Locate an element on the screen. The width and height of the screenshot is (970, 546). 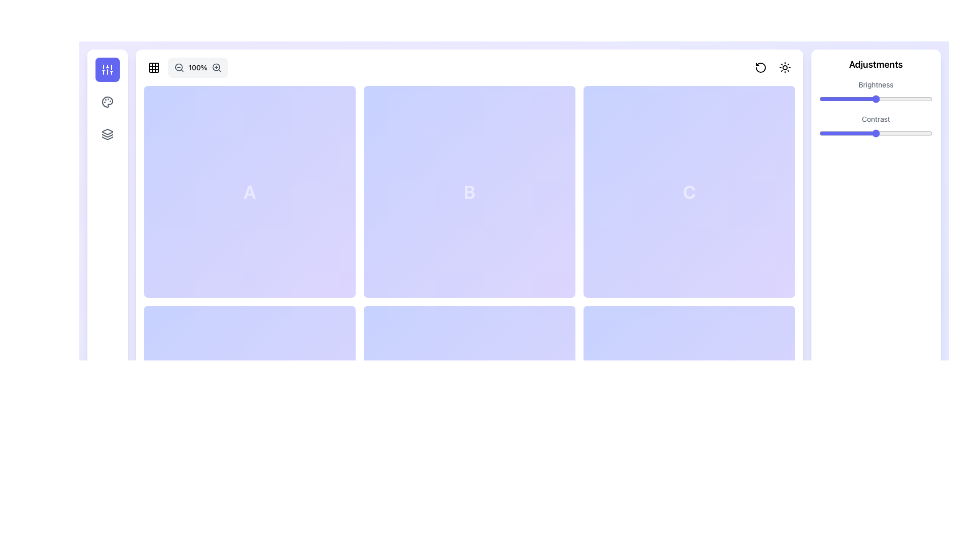
the small triangular layer icon, which is the third stacked shape in the left vertical toolbar, to interact with its related functionality is located at coordinates (107, 138).